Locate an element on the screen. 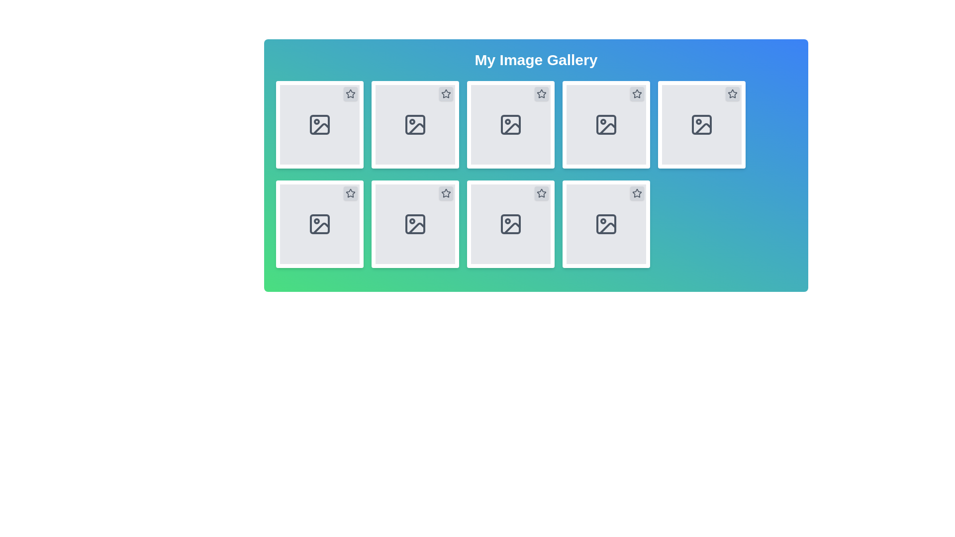  the star-shaped icon located in the top-right corner of the third image card in the second row of the grid layout is located at coordinates (351, 193).